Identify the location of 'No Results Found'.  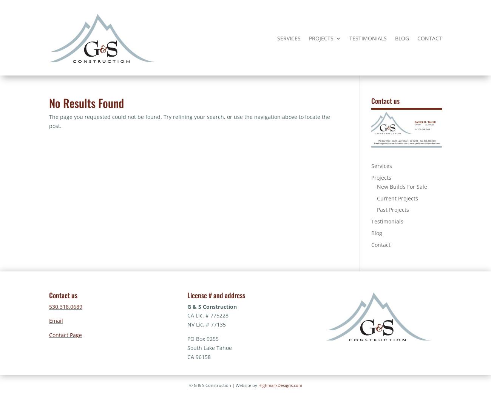
(86, 102).